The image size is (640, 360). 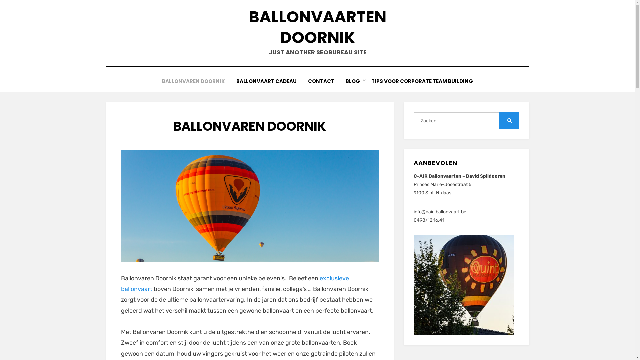 I want to click on 'BLOG', so click(x=352, y=81).